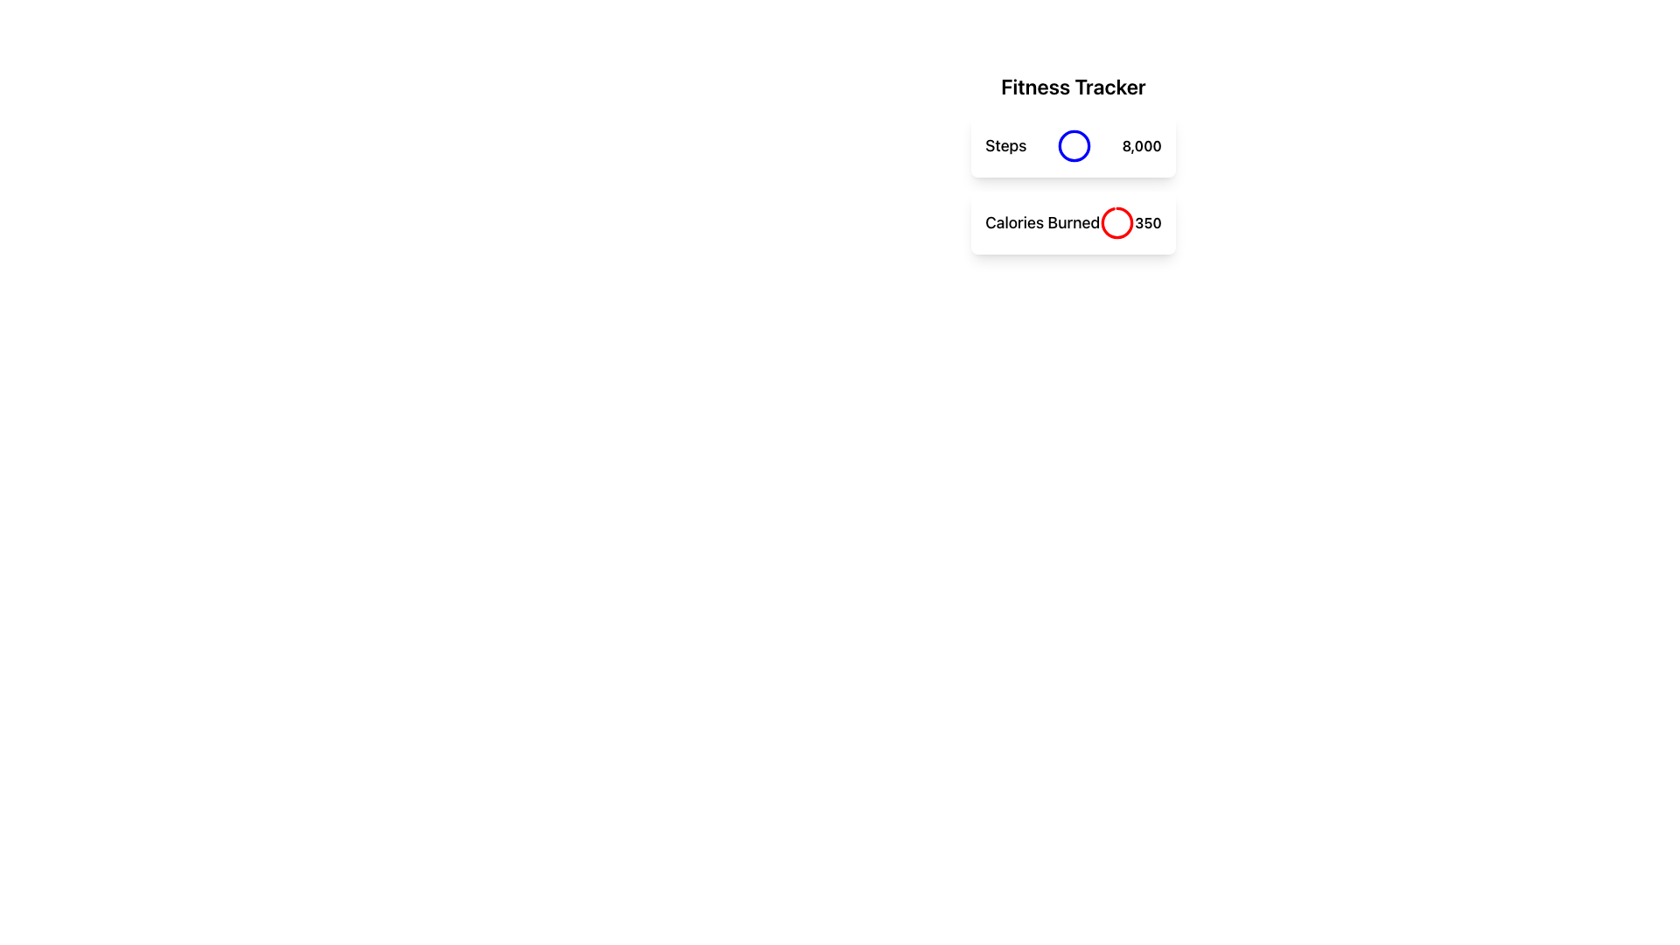  Describe the element at coordinates (1073, 144) in the screenshot. I see `the Informational card displaying the user's step count of 8,000, located under the 'Fitness Tracker' header as the first card in the stacked sequence` at that location.